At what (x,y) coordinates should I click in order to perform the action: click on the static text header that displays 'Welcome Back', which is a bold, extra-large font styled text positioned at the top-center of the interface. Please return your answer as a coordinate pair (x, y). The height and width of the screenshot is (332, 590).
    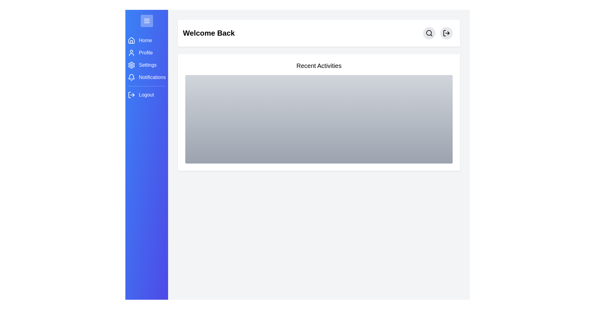
    Looking at the image, I should click on (209, 33).